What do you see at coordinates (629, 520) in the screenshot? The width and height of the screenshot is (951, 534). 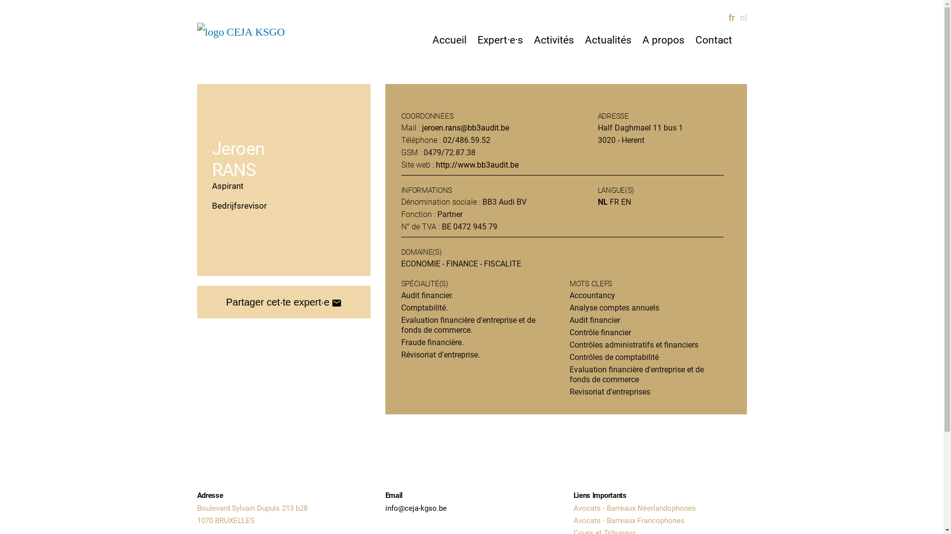 I see `'Avocats - Barreaux Francophones'` at bounding box center [629, 520].